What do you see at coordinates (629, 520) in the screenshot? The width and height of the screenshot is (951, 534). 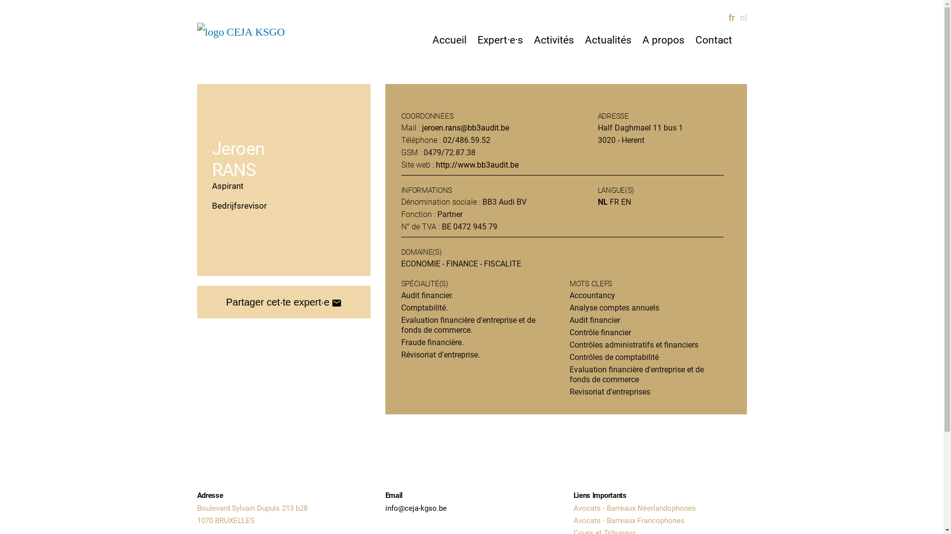 I see `'Avocats - Barreaux Francophones'` at bounding box center [629, 520].